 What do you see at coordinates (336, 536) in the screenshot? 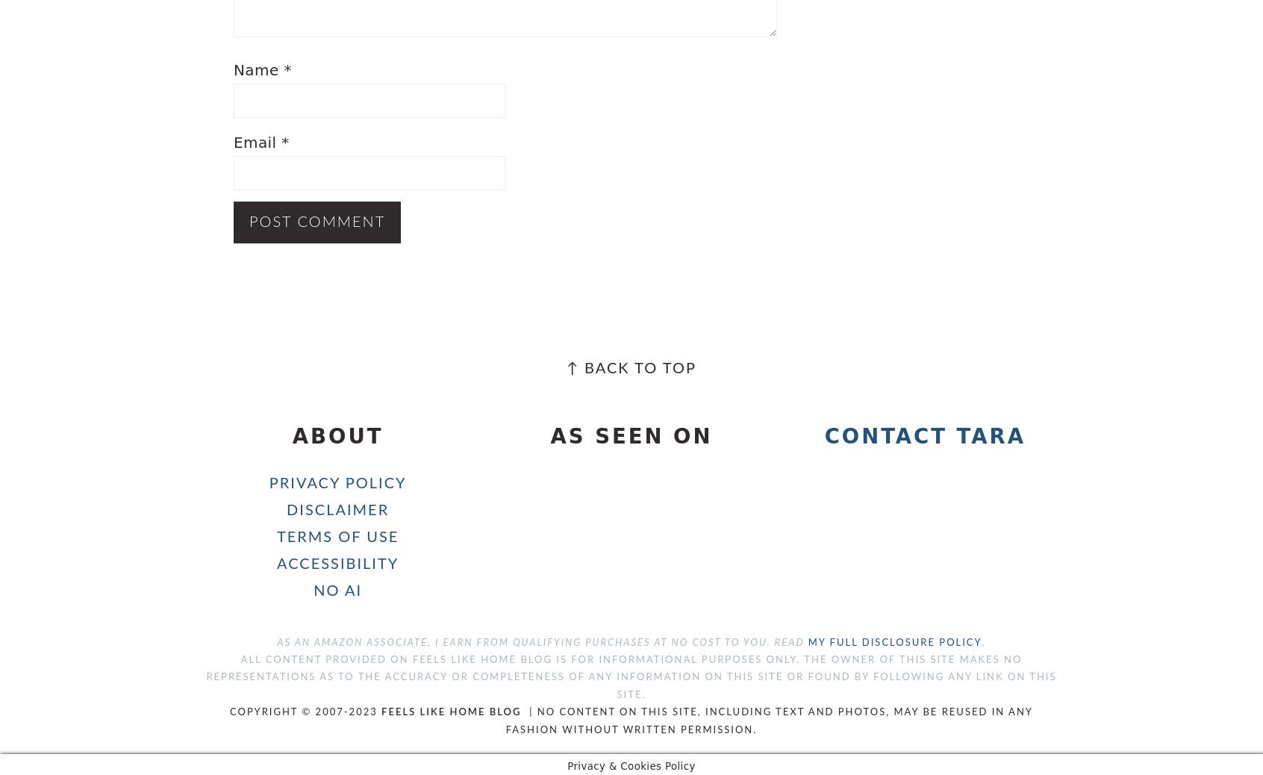
I see `'Terms of Use'` at bounding box center [336, 536].